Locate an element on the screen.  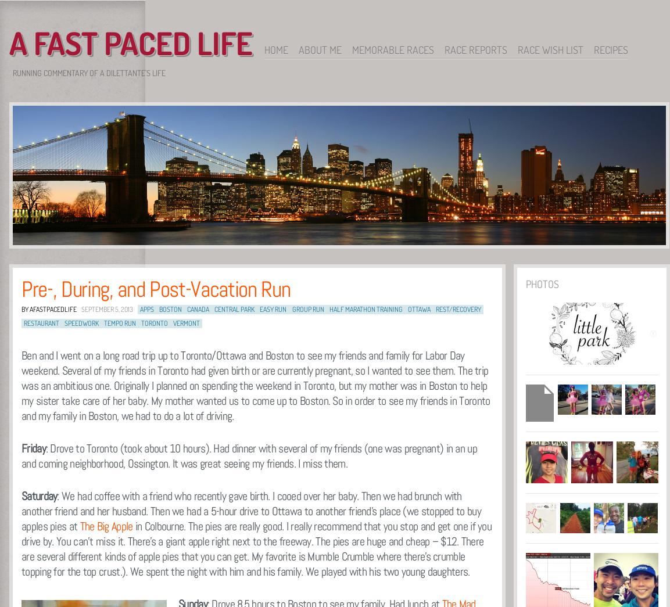
'Photos' is located at coordinates (542, 283).